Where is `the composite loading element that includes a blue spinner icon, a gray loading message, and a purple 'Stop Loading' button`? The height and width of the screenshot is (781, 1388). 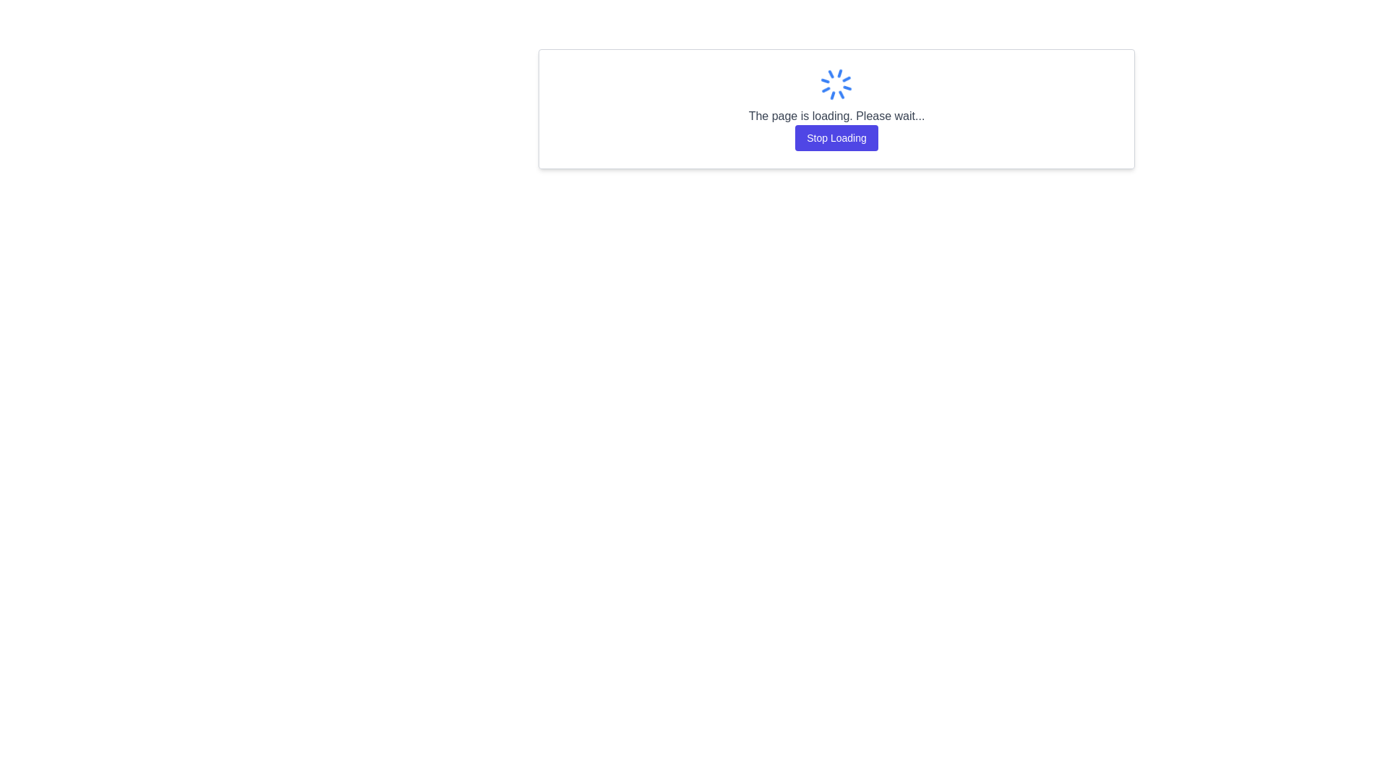
the composite loading element that includes a blue spinner icon, a gray loading message, and a purple 'Stop Loading' button is located at coordinates (836, 108).